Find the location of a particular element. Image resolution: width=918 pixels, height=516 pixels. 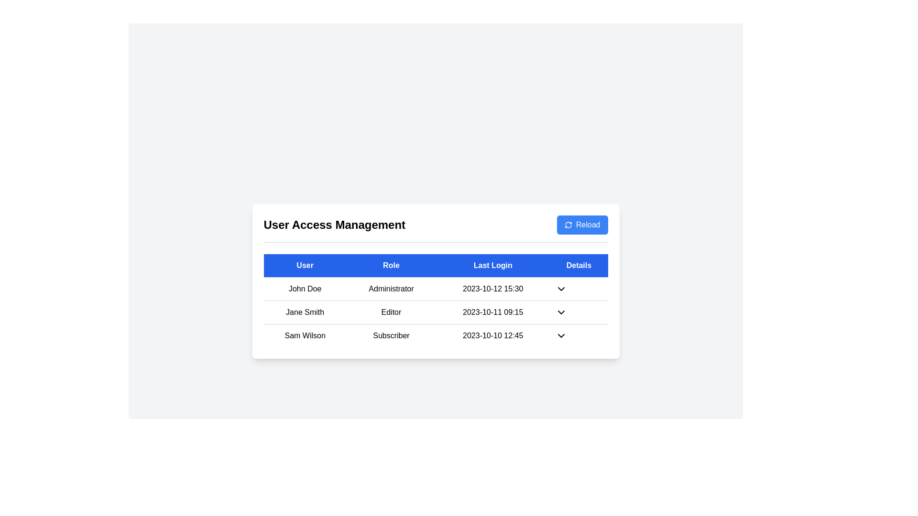

the downward-pointing chevron icon in the 'Details' column of the table, specifically in the 'Sam Wilson' row is located at coordinates (561, 335).